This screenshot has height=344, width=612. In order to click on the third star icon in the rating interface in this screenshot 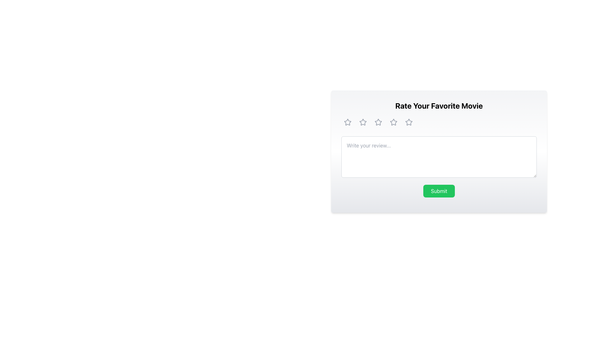, I will do `click(393, 122)`.